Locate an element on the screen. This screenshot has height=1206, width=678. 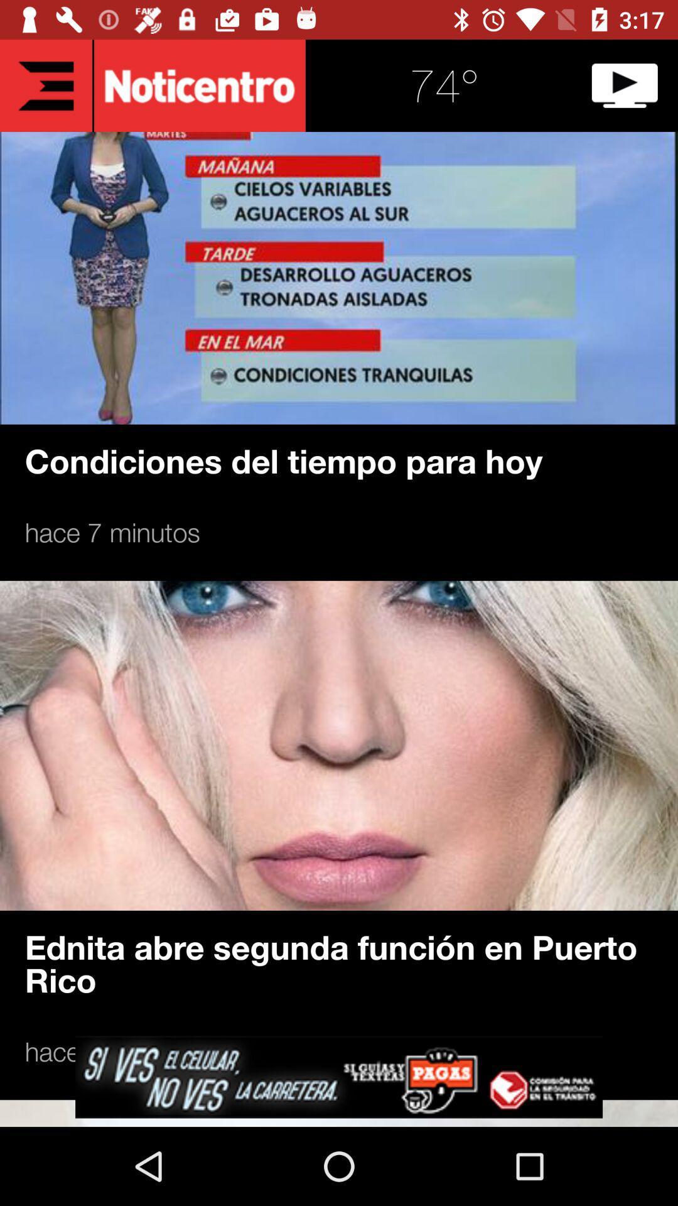
the play icon is located at coordinates (625, 85).